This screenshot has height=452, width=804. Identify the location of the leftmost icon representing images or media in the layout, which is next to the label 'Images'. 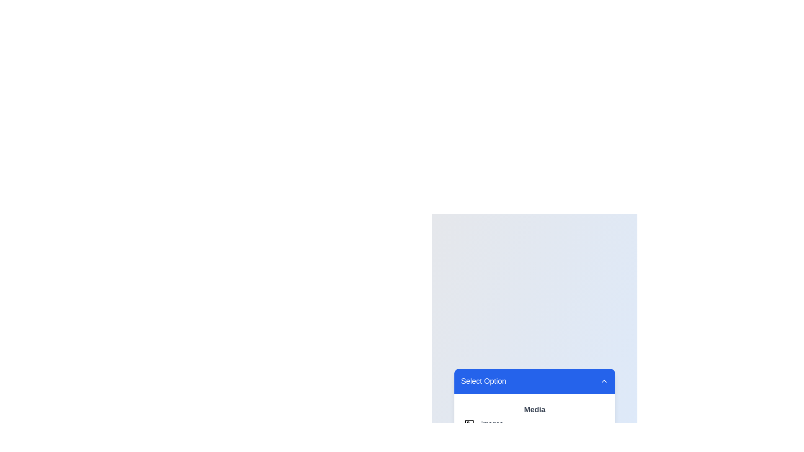
(469, 423).